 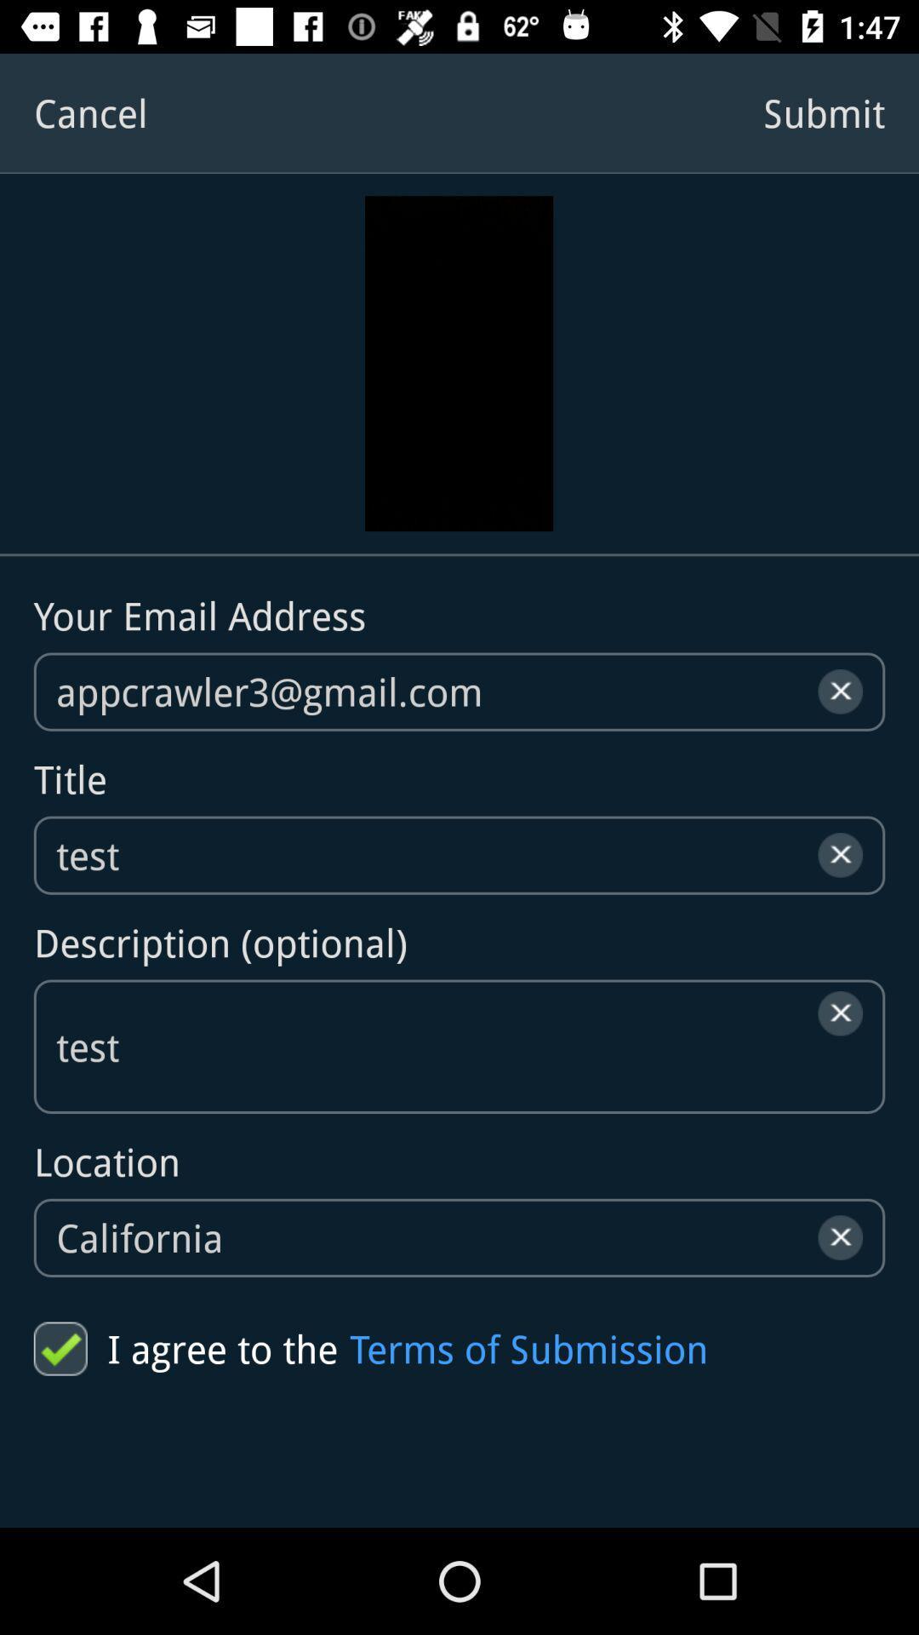 What do you see at coordinates (839, 855) in the screenshot?
I see `the close icon` at bounding box center [839, 855].